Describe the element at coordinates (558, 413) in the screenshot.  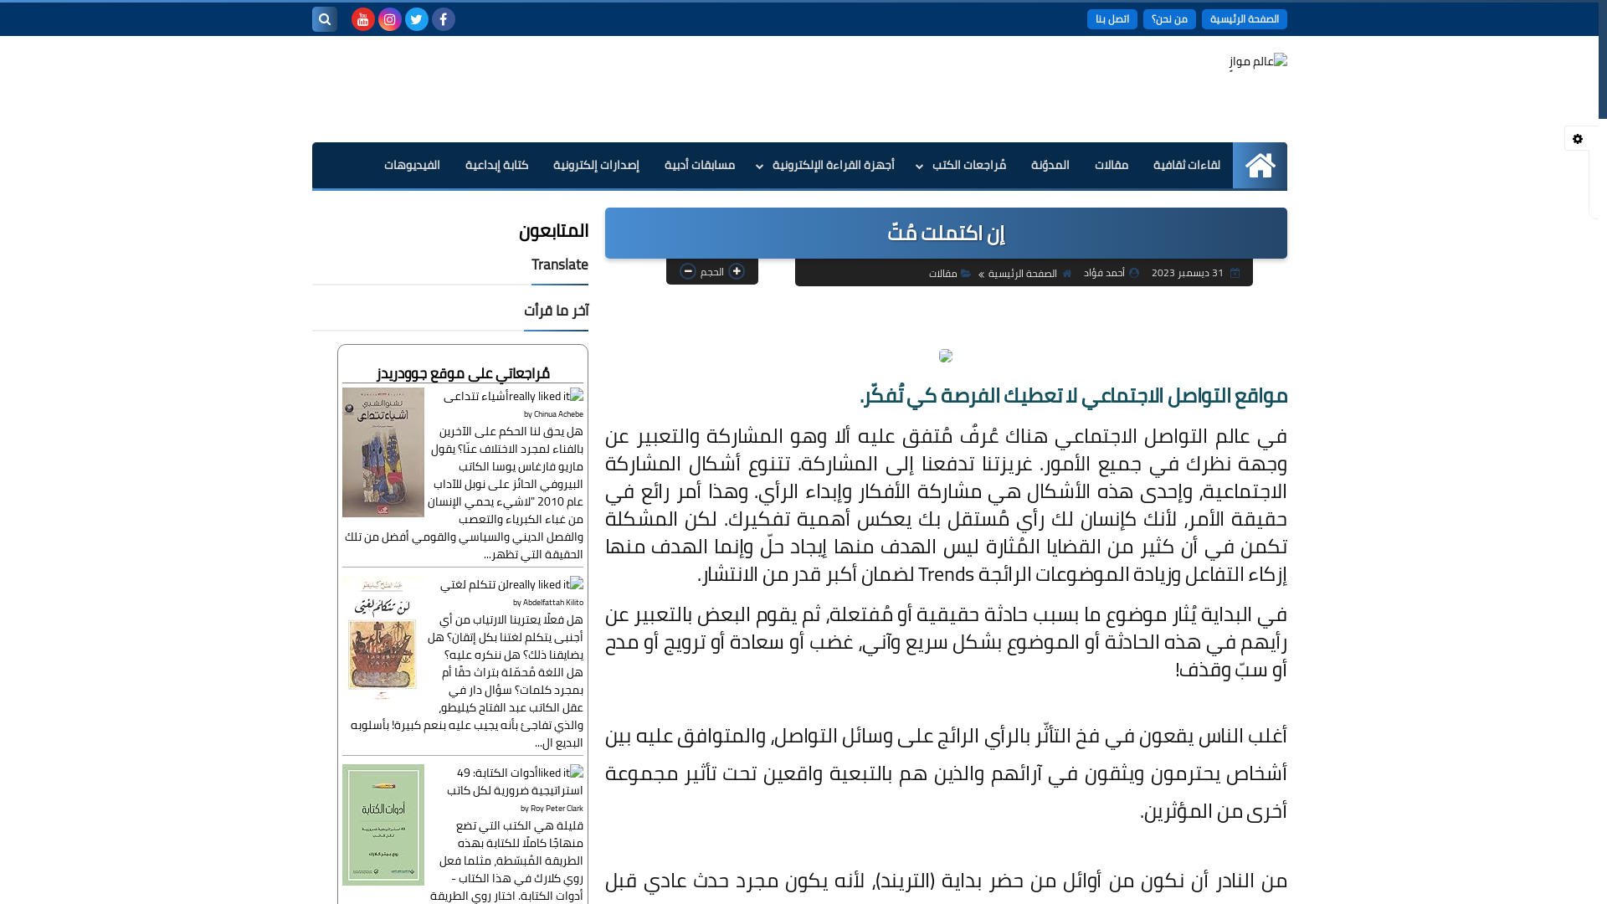
I see `'Chinua Achebe'` at that location.